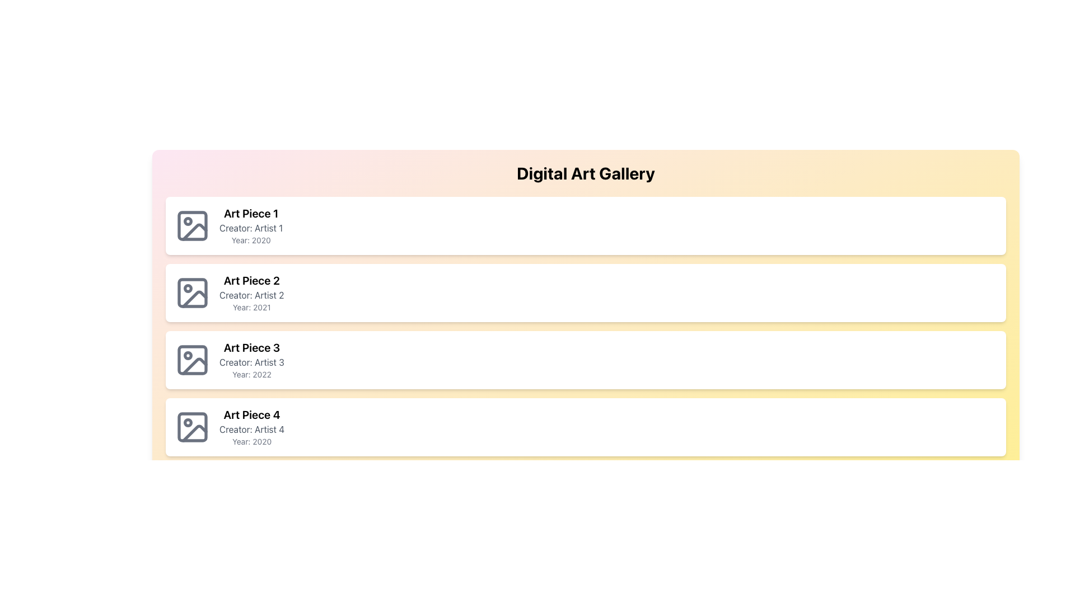 The image size is (1075, 604). What do you see at coordinates (188, 221) in the screenshot?
I see `the decorative Circle graphic element embedded within the first image icon of 'Art Piece 1'` at bounding box center [188, 221].